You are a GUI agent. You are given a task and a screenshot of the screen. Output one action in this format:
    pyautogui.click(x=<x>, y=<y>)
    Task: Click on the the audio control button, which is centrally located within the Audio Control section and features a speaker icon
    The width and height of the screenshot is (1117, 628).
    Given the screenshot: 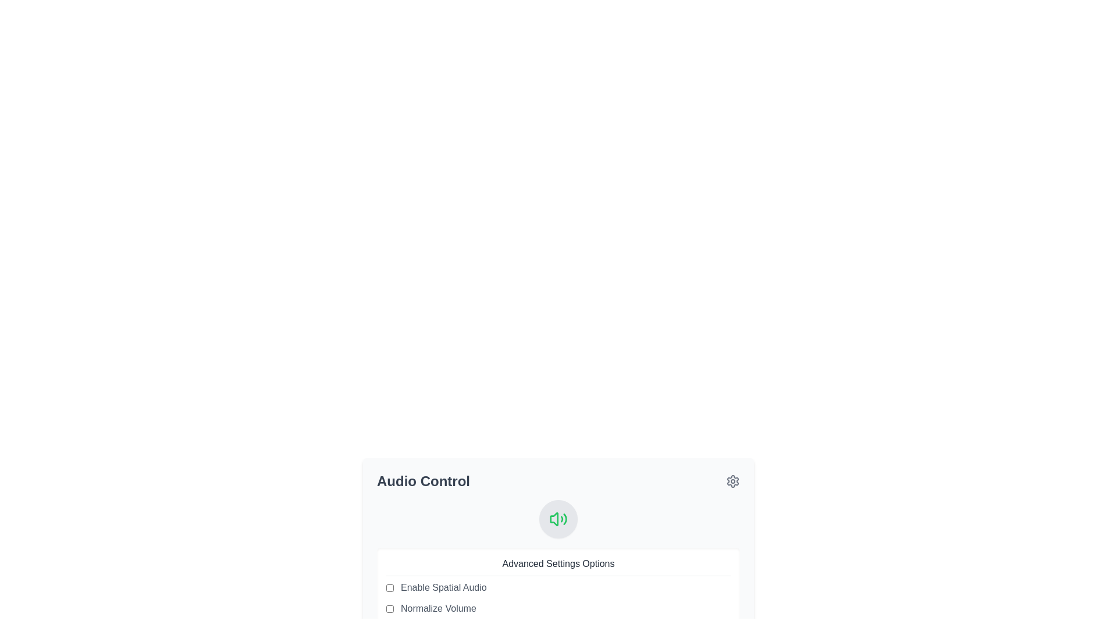 What is the action you would take?
    pyautogui.click(x=558, y=519)
    